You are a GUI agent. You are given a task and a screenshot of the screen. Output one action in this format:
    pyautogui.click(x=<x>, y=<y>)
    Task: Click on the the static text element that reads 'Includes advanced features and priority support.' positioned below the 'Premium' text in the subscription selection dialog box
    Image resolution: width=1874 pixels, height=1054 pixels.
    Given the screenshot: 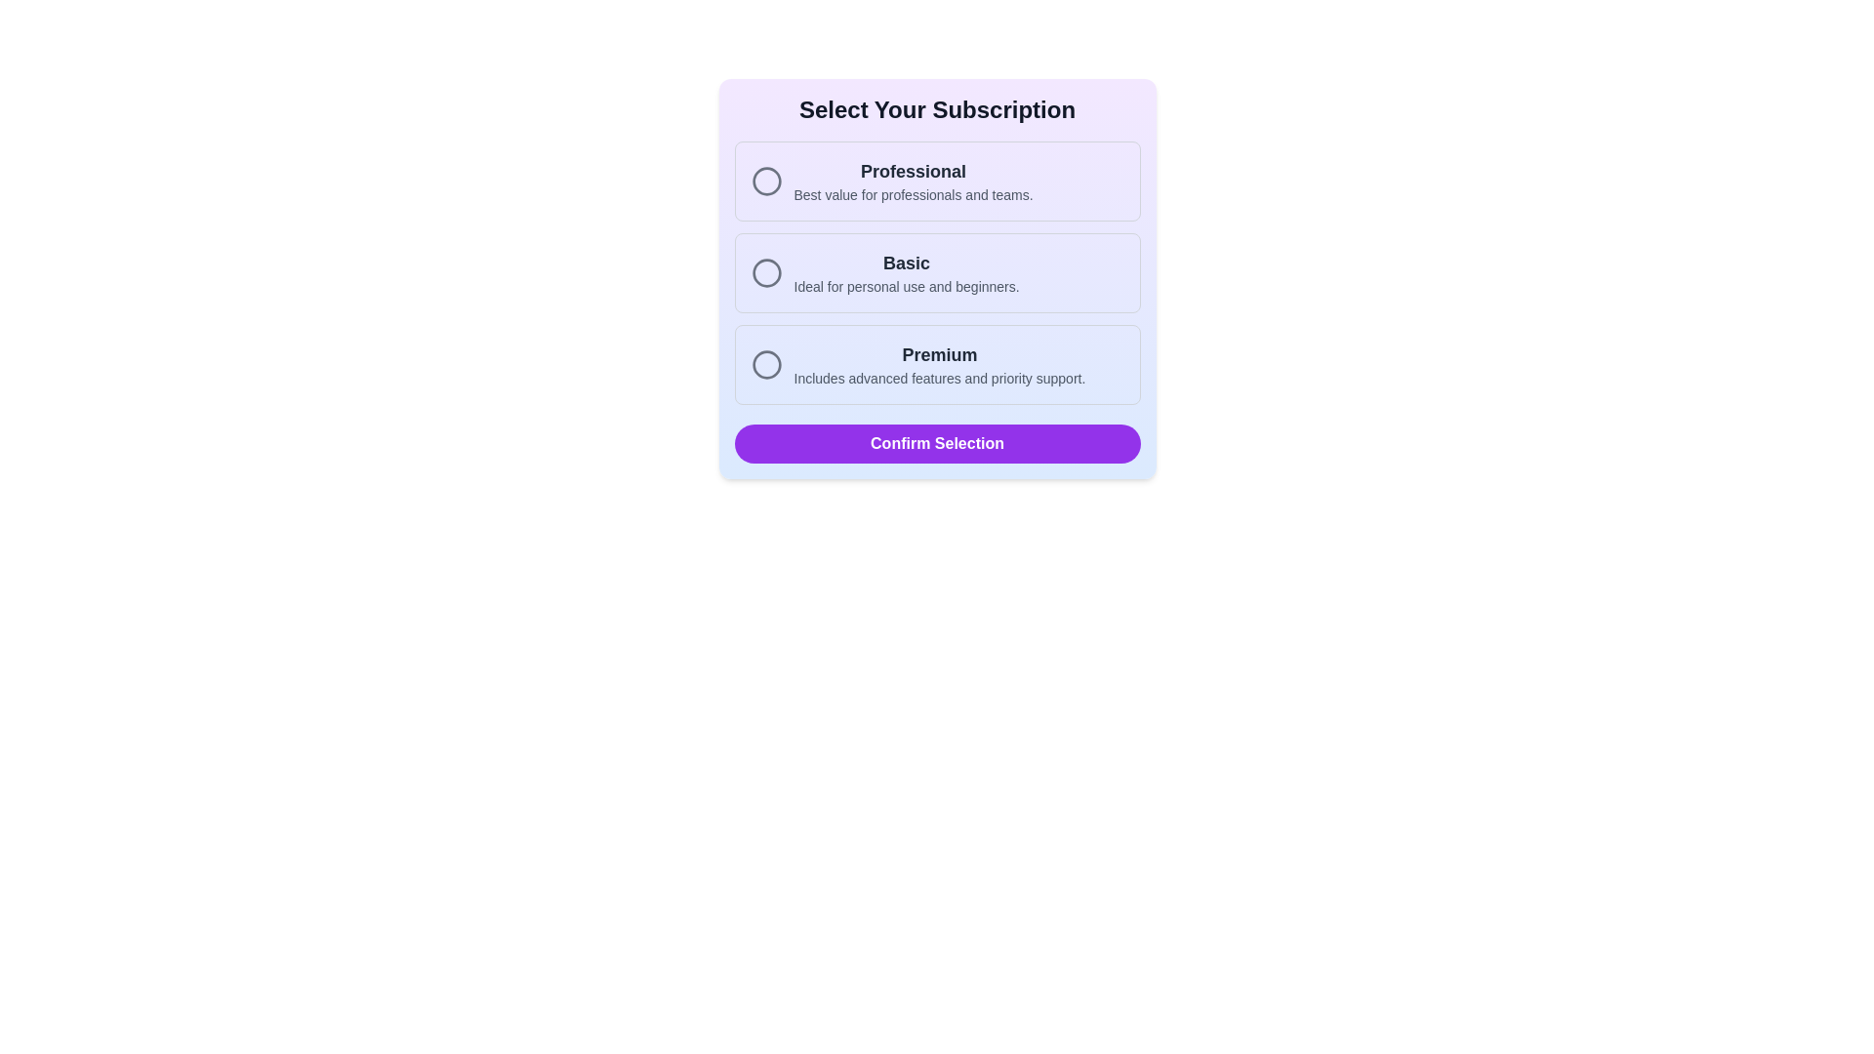 What is the action you would take?
    pyautogui.click(x=939, y=379)
    